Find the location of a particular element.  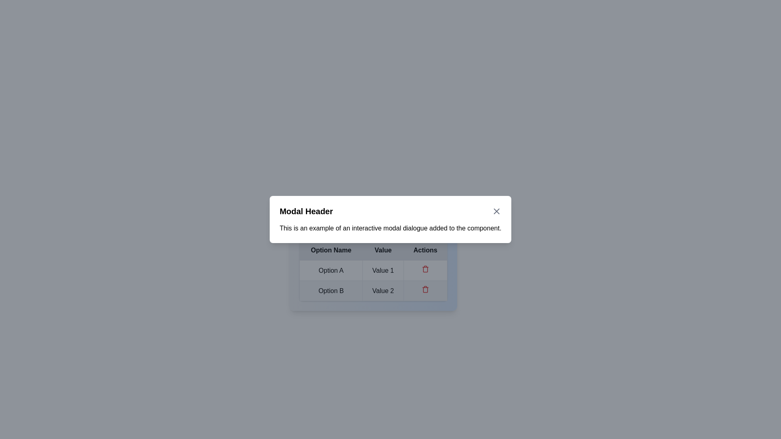

the 'Option Name' text label in the table header, which is bold and black on a gray background, located in the leftmost column of the header row is located at coordinates (331, 250).